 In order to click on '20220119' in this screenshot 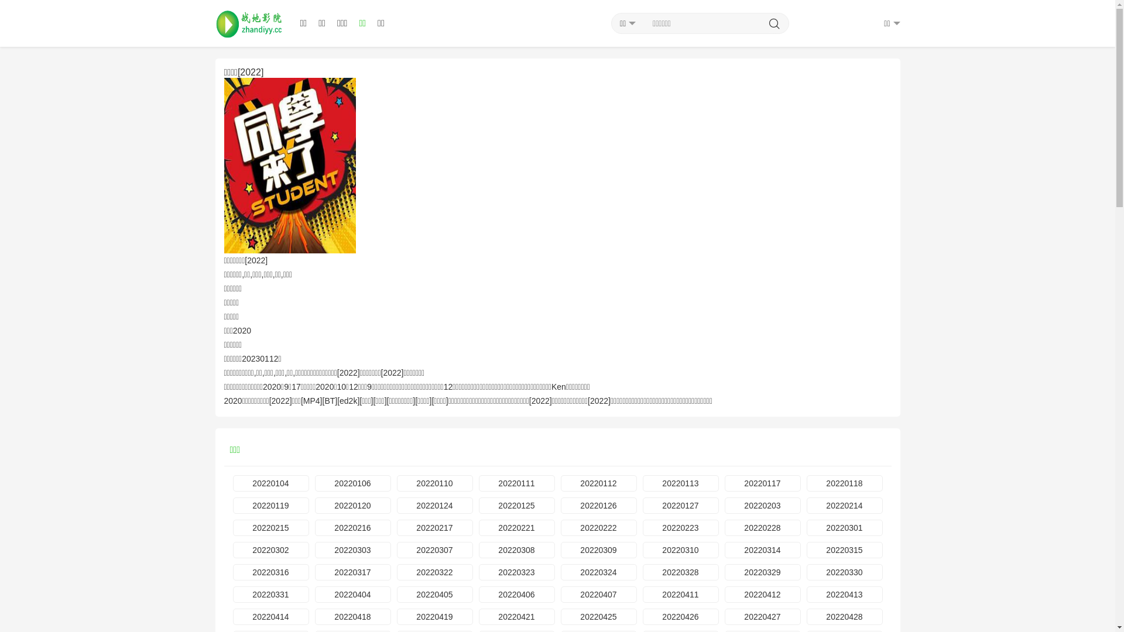, I will do `click(233, 505)`.